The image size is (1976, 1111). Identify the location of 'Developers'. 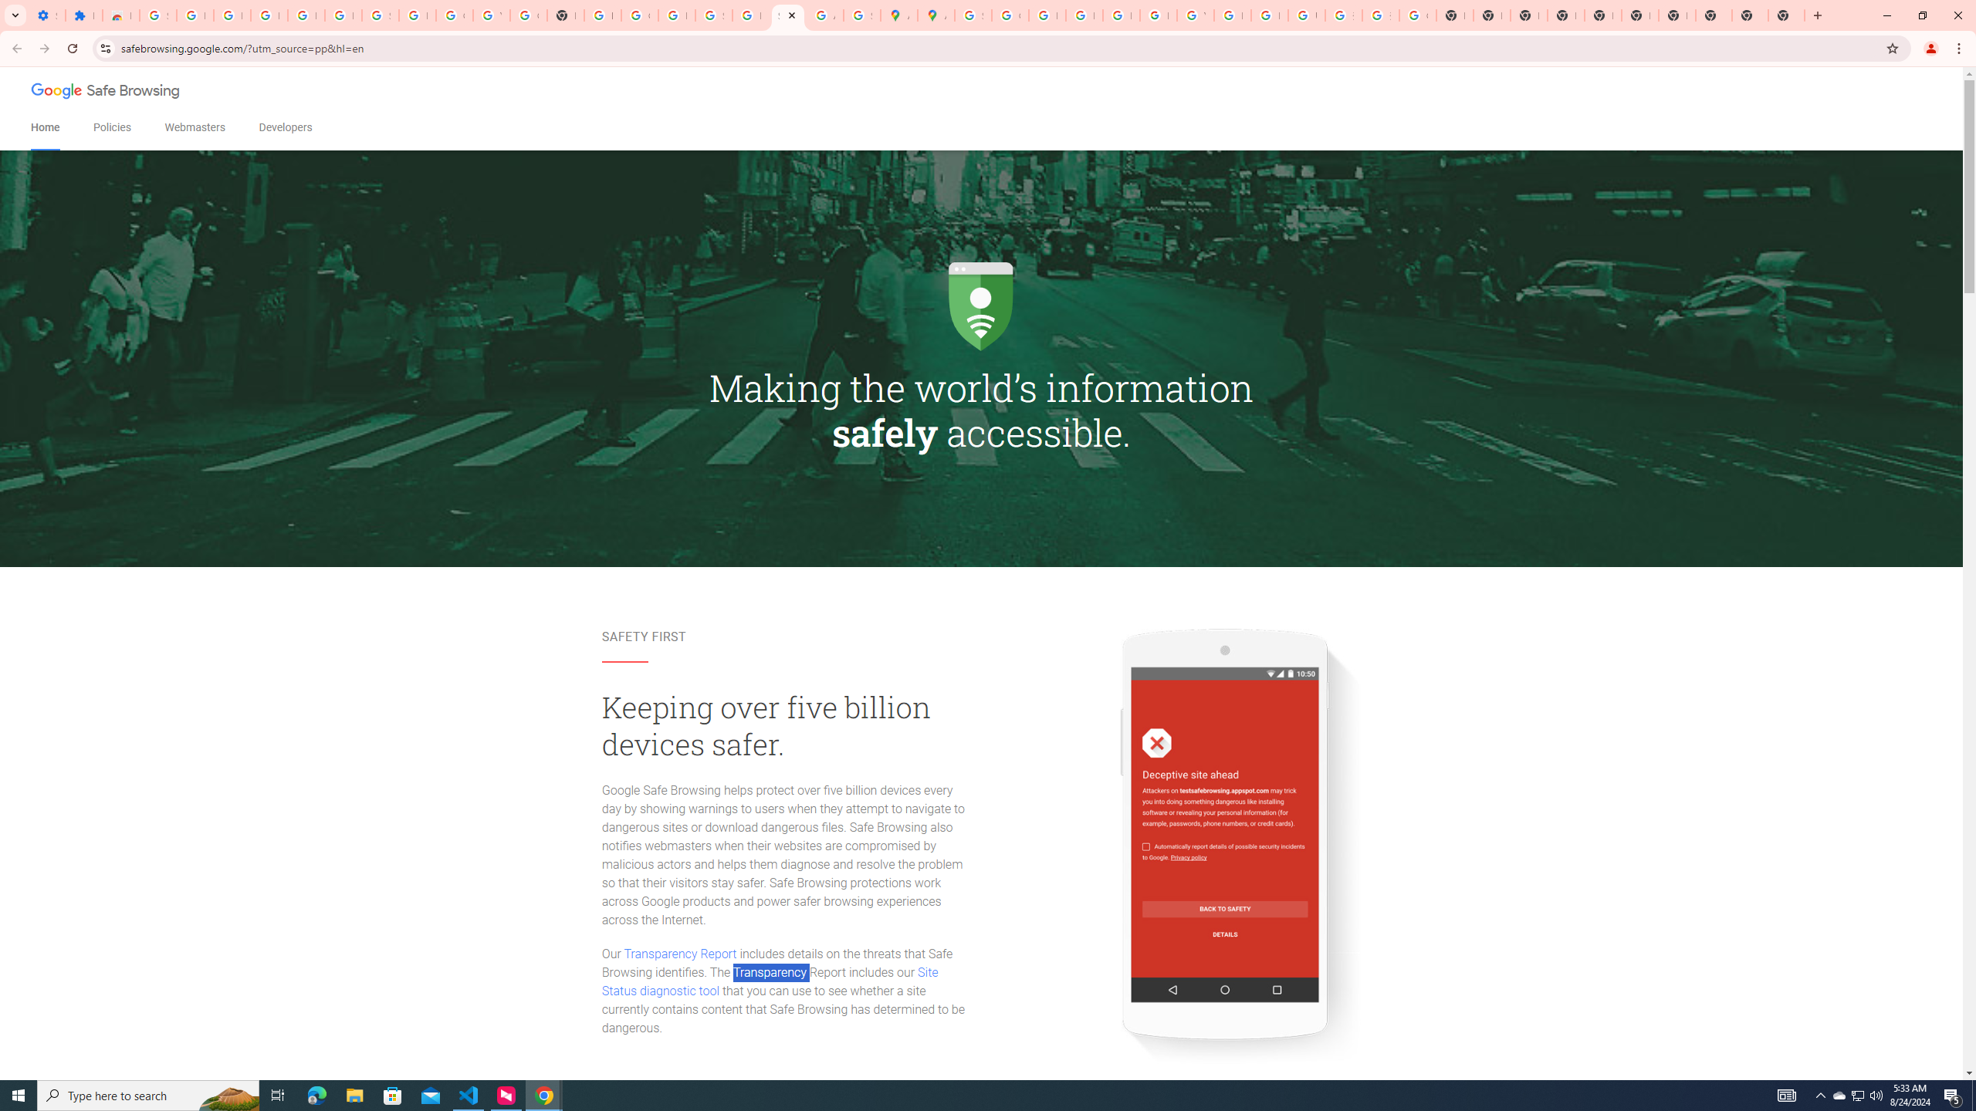
(284, 127).